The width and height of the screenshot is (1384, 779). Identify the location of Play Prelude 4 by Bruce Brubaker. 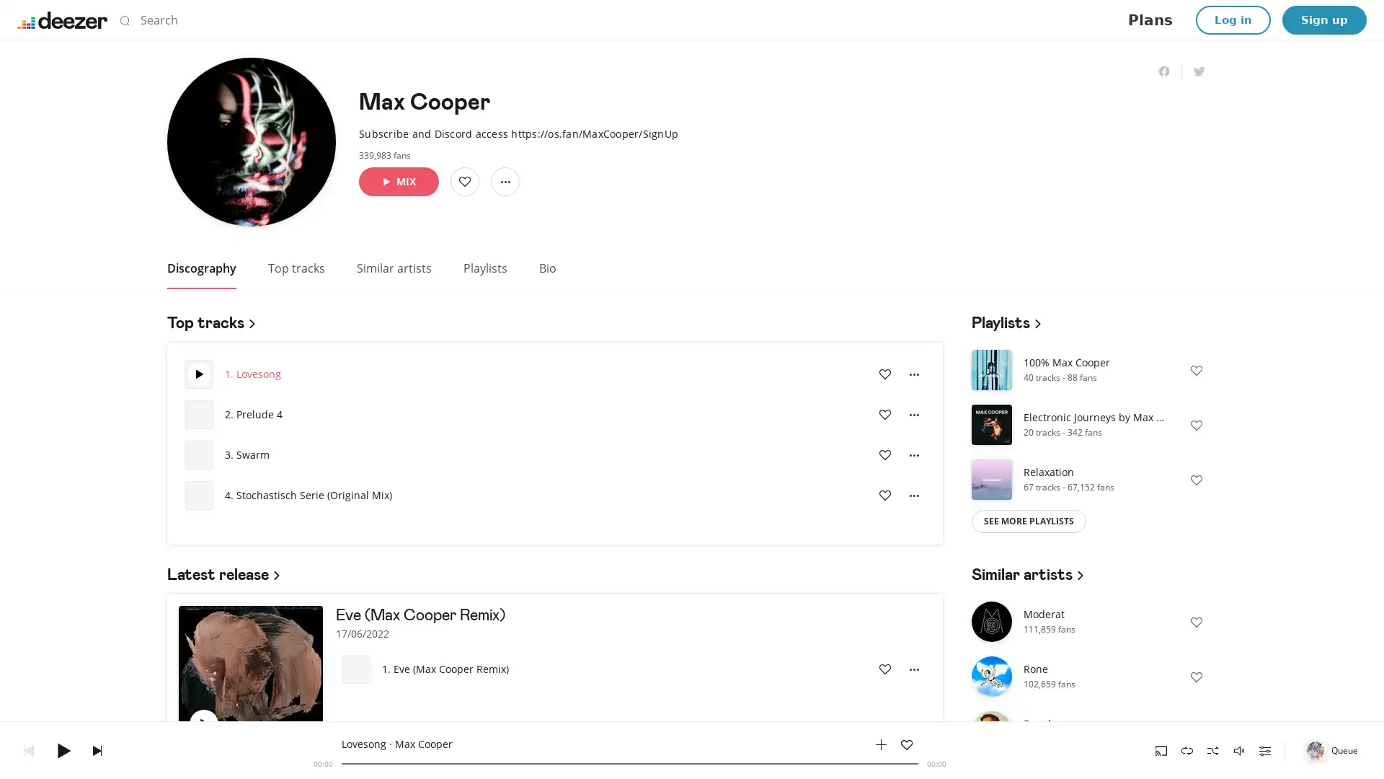
(198, 414).